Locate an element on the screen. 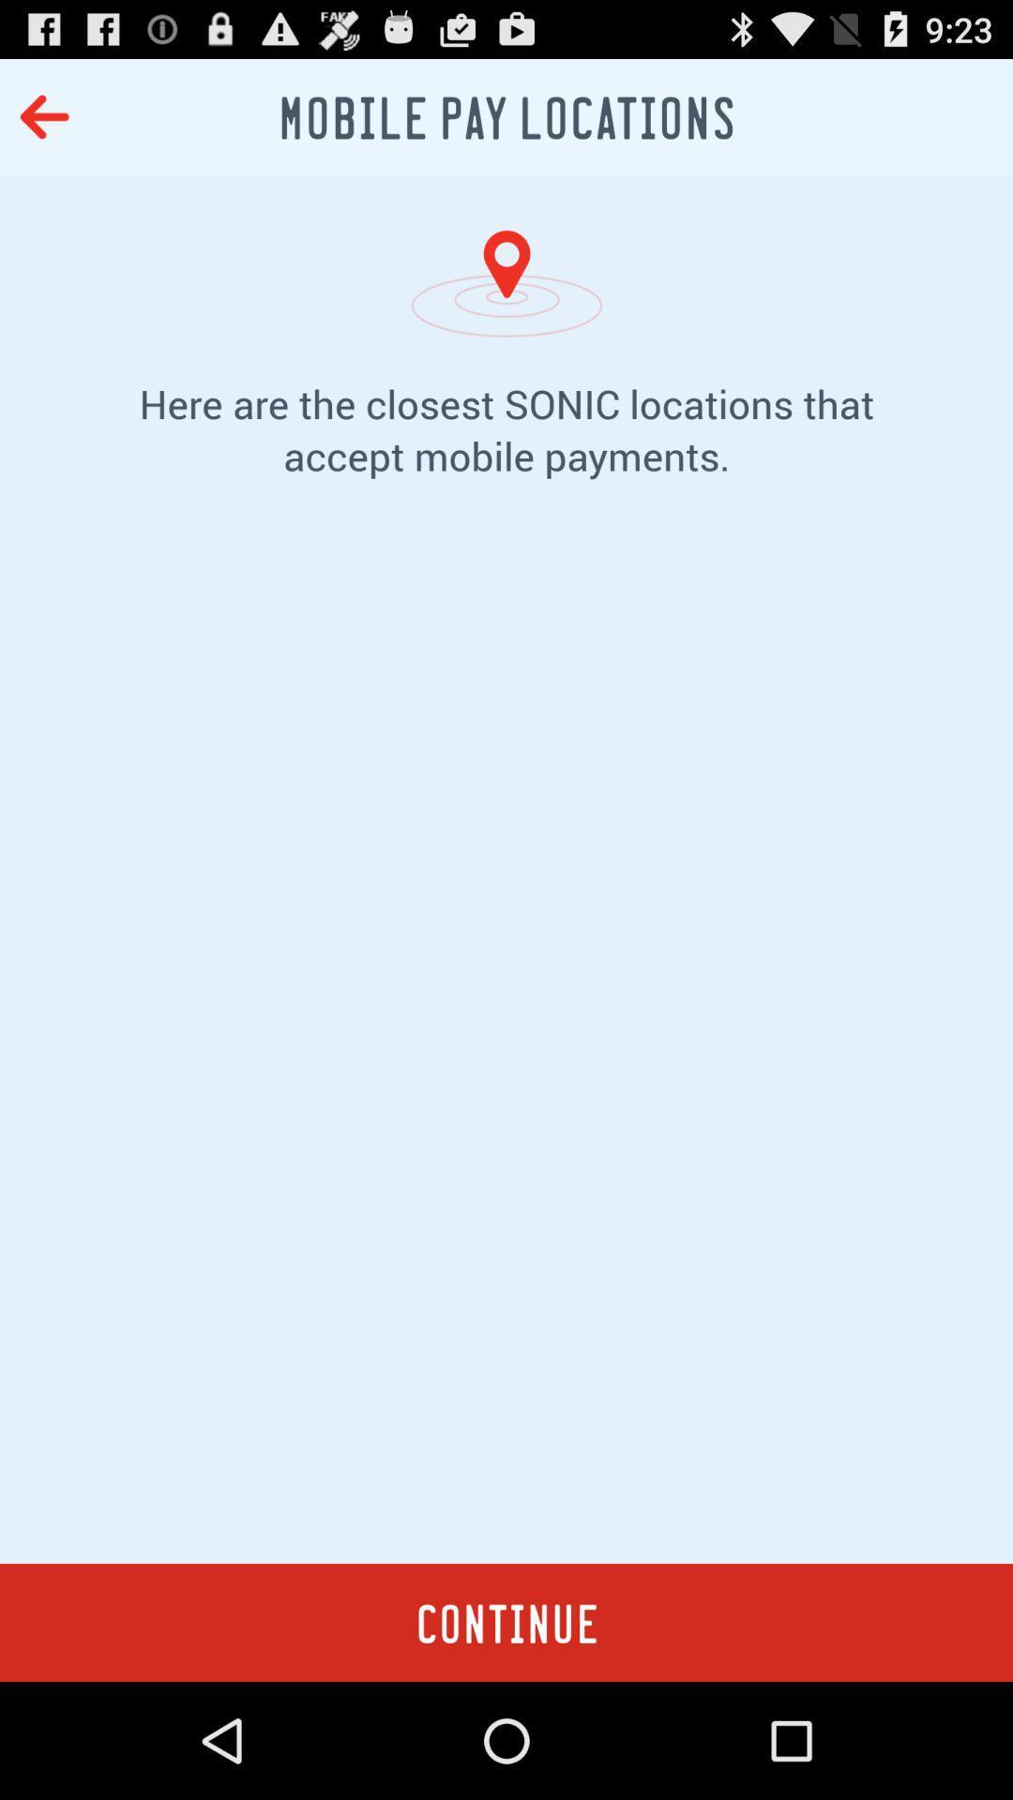 Image resolution: width=1013 pixels, height=1800 pixels. item at the bottom is located at coordinates (506, 1622).